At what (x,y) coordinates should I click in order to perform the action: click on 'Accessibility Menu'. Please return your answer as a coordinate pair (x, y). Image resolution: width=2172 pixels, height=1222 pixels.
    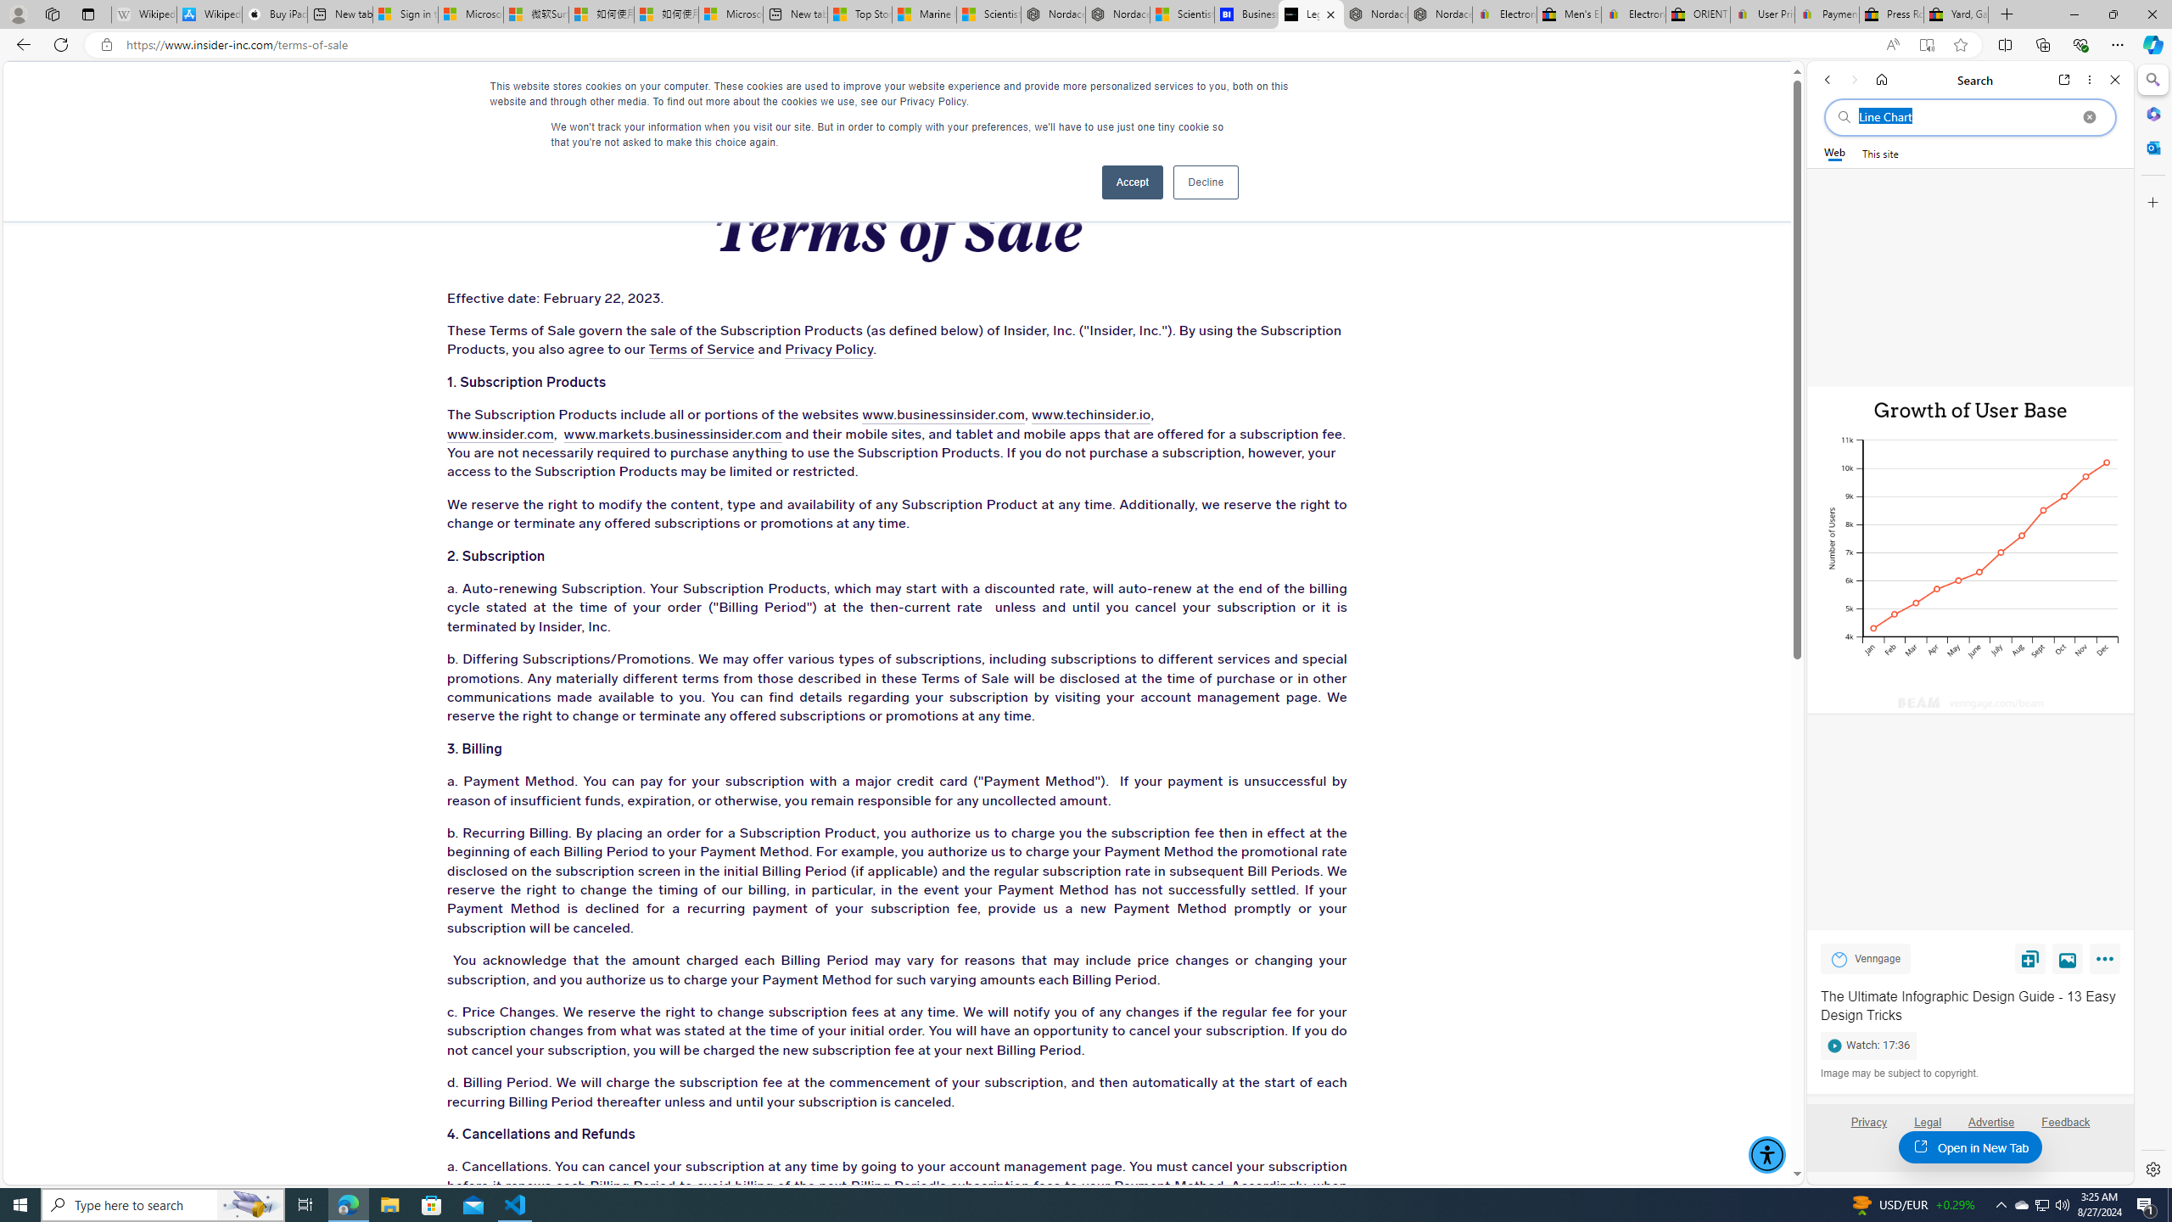
    Looking at the image, I should click on (1766, 1153).